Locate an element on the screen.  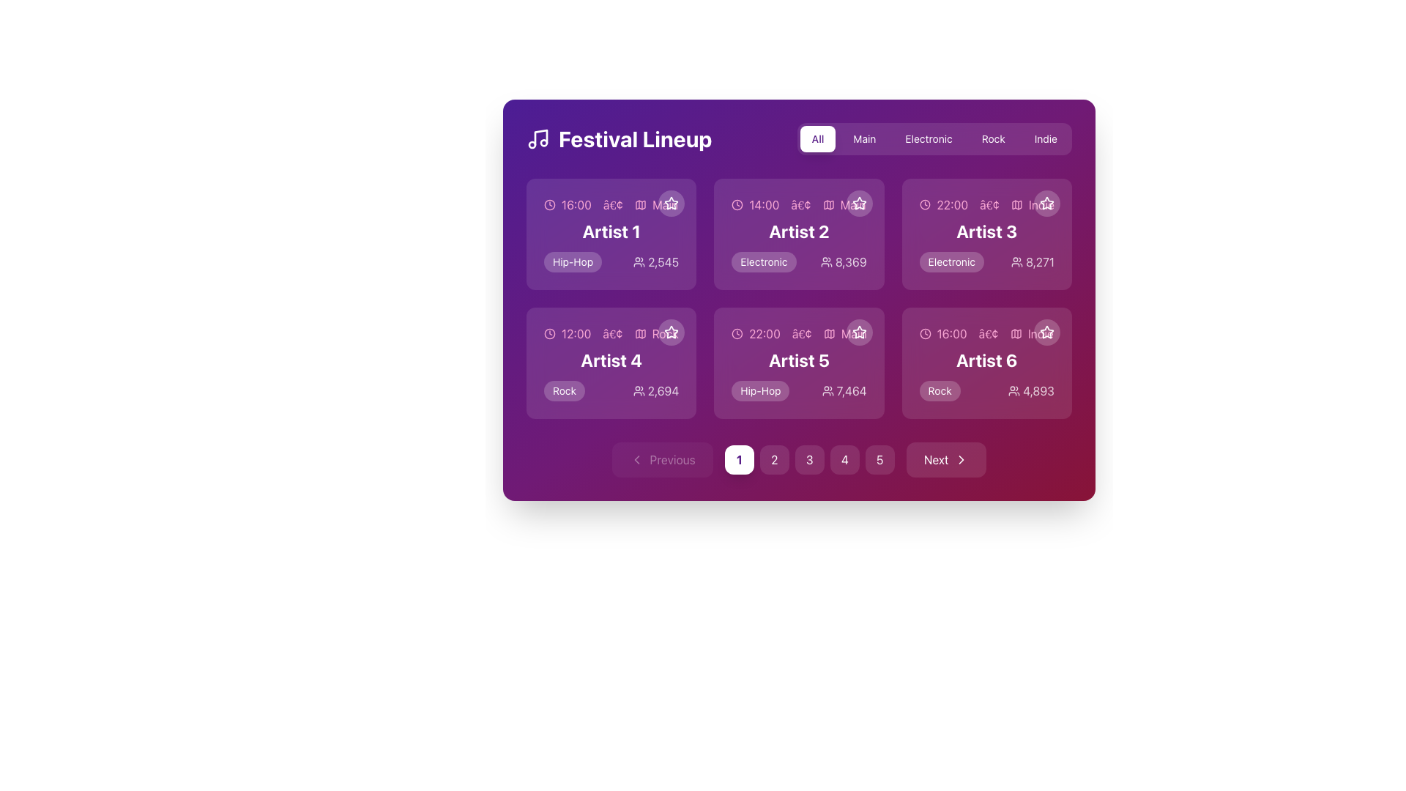
the small map icon located at the top-right of the card for Artist 2, in the second row, first column of the grid layout is located at coordinates (828, 205).